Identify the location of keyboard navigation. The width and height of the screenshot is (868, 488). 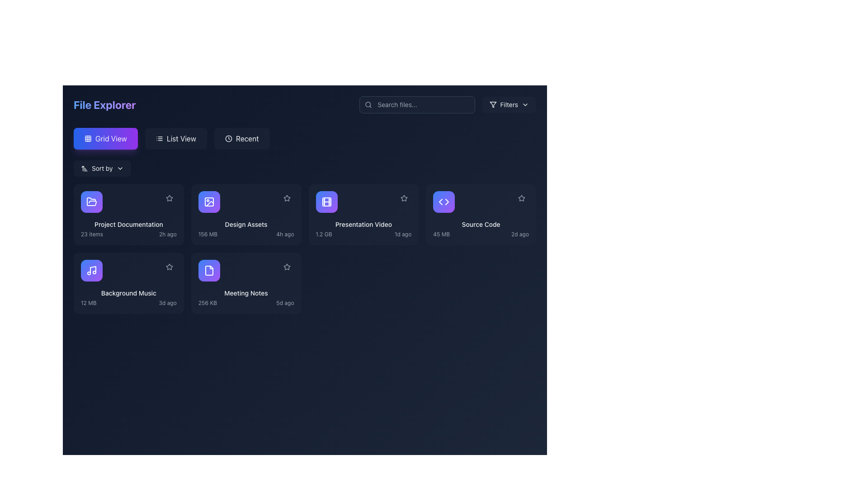
(176, 139).